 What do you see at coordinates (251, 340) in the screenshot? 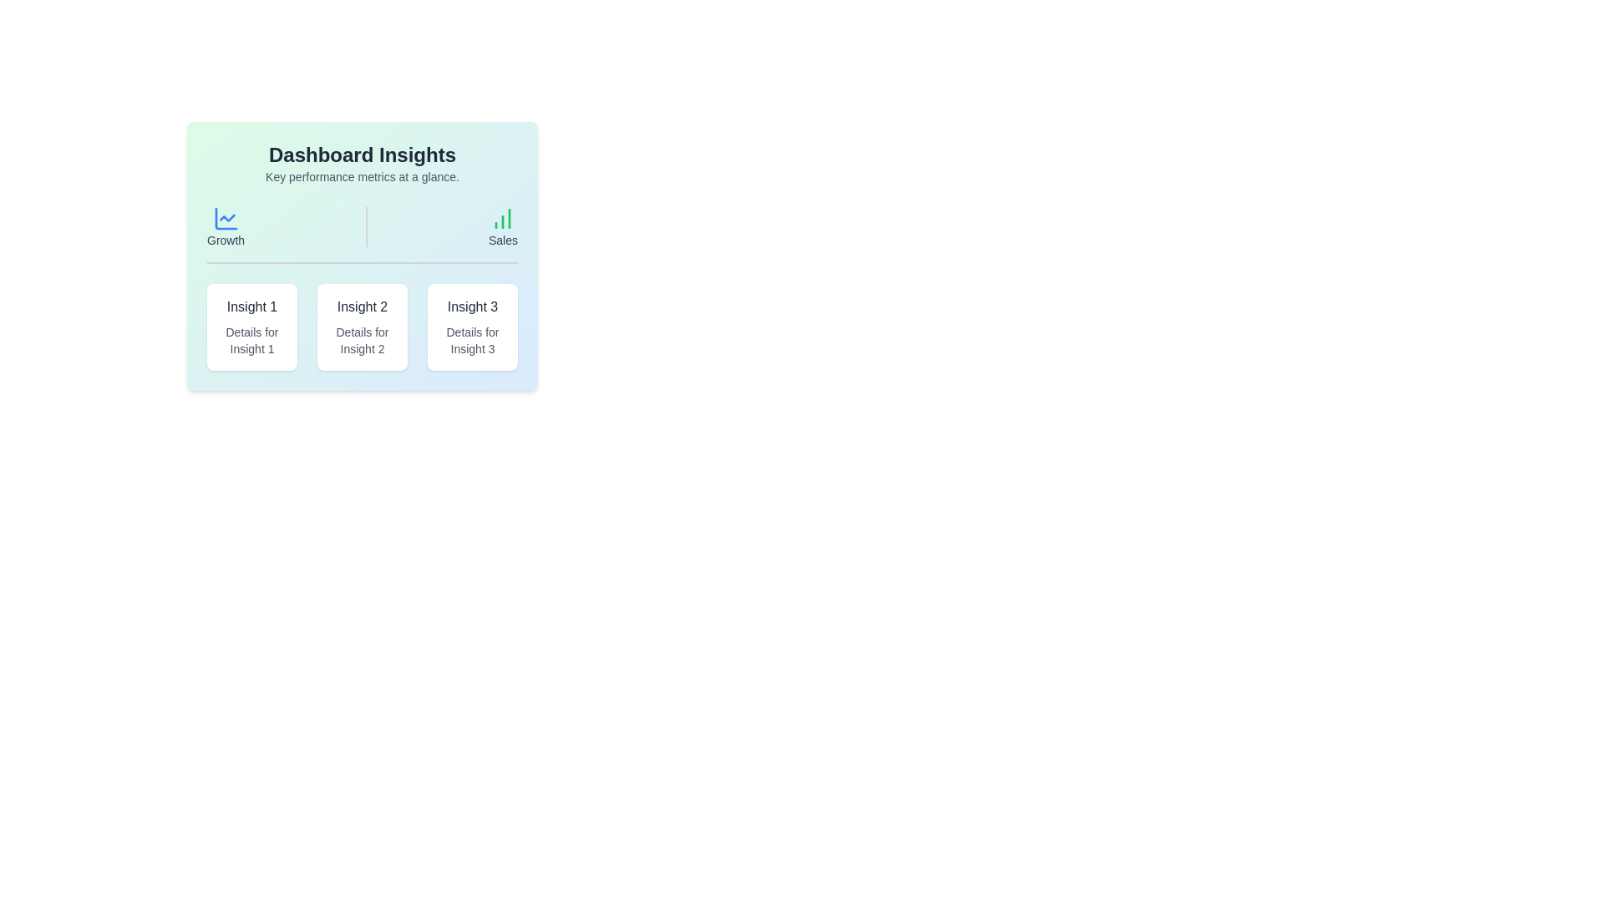
I see `the text label with the content 'Details for Insight 1'` at bounding box center [251, 340].